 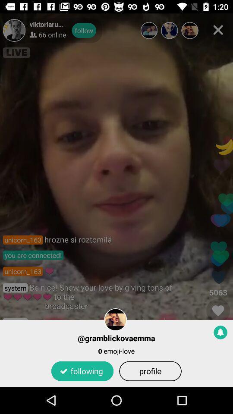 I want to click on the app to the left of the profile app, so click(x=82, y=370).